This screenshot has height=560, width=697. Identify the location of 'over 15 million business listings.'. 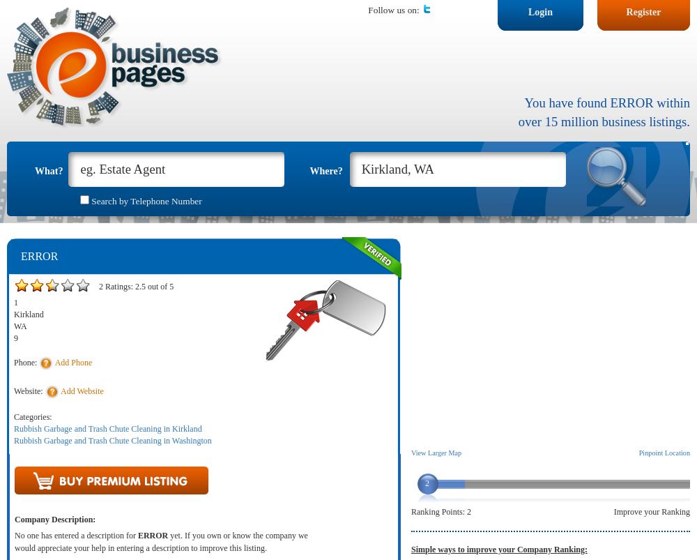
(603, 120).